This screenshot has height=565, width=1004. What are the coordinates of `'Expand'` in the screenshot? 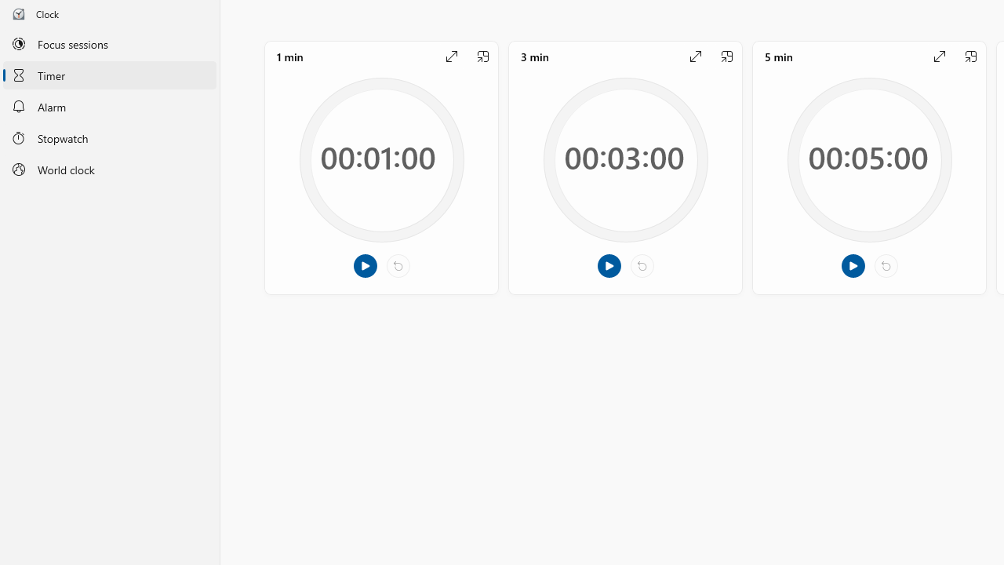 It's located at (939, 56).